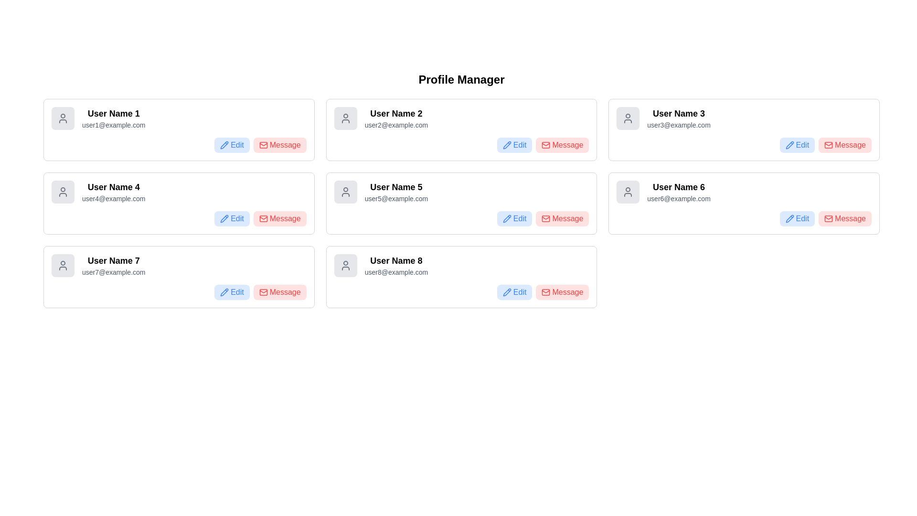 The height and width of the screenshot is (516, 917). Describe the element at coordinates (628, 118) in the screenshot. I see `the user profile icon representing 'User Name 3' located in the top-right corner of the interface` at that location.